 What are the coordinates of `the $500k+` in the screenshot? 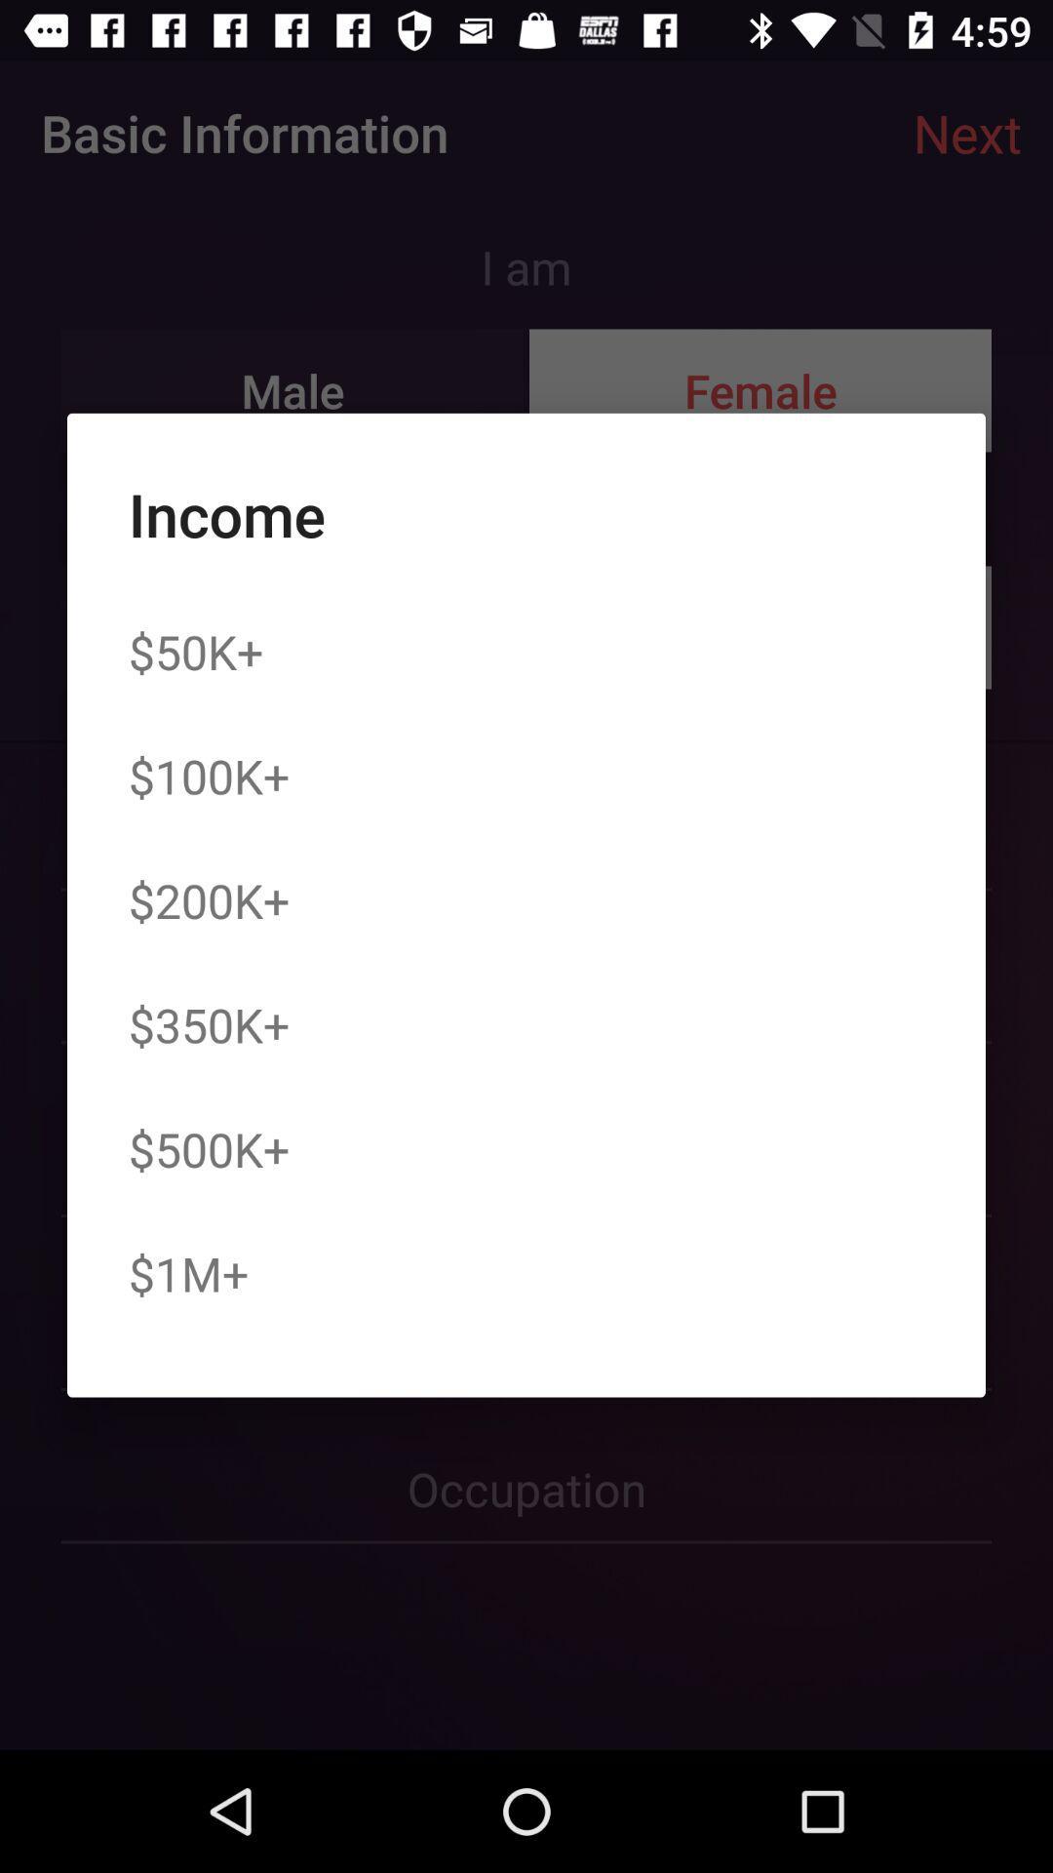 It's located at (209, 1149).